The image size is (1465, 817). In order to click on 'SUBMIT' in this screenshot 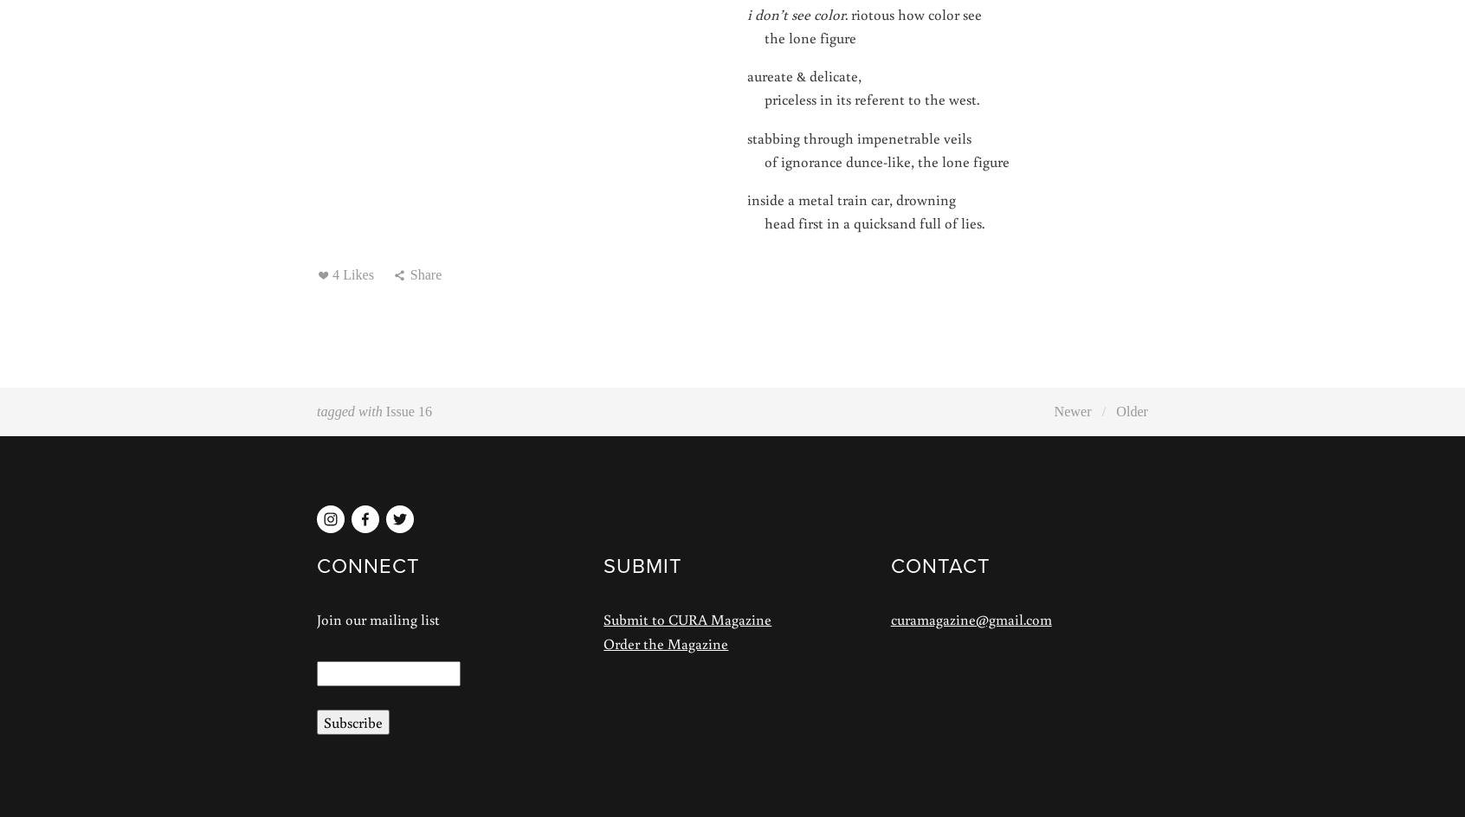, I will do `click(642, 563)`.